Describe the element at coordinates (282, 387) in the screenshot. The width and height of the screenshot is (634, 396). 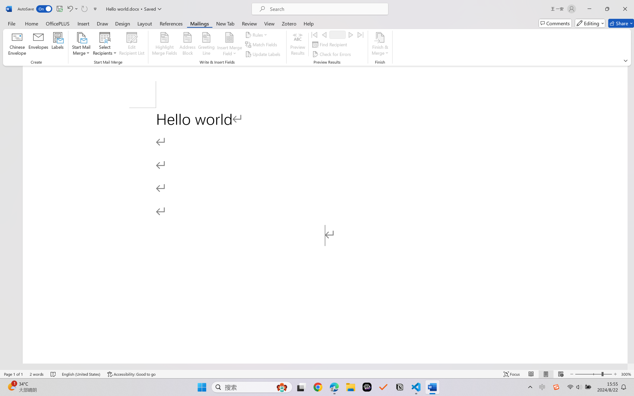
I see `'AutomationID: DynamicSearchBoxGleamImage'` at that location.